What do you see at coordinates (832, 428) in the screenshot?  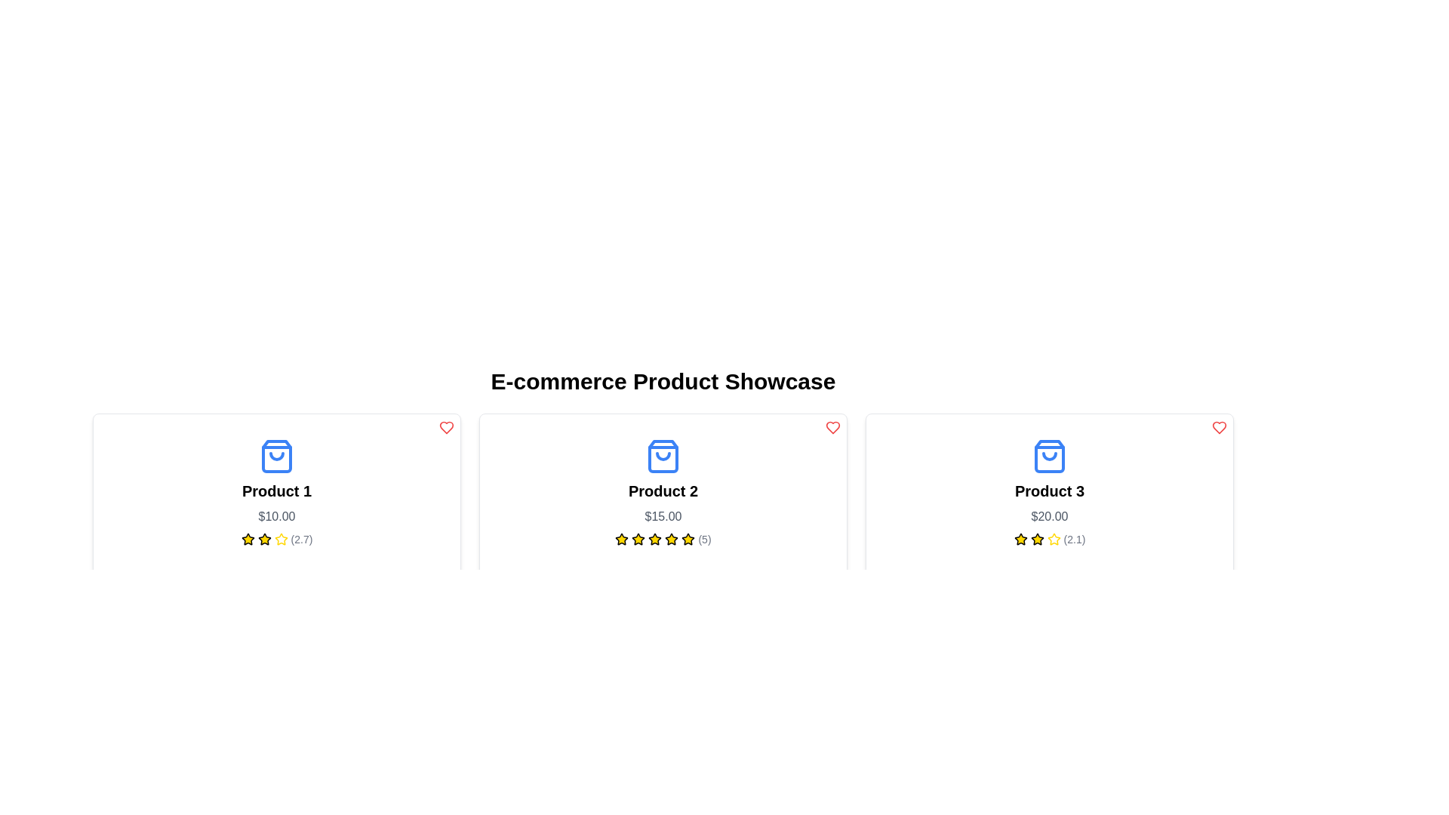 I see `the red heart icon button in the top-right corner of the 'Product 2' card` at bounding box center [832, 428].